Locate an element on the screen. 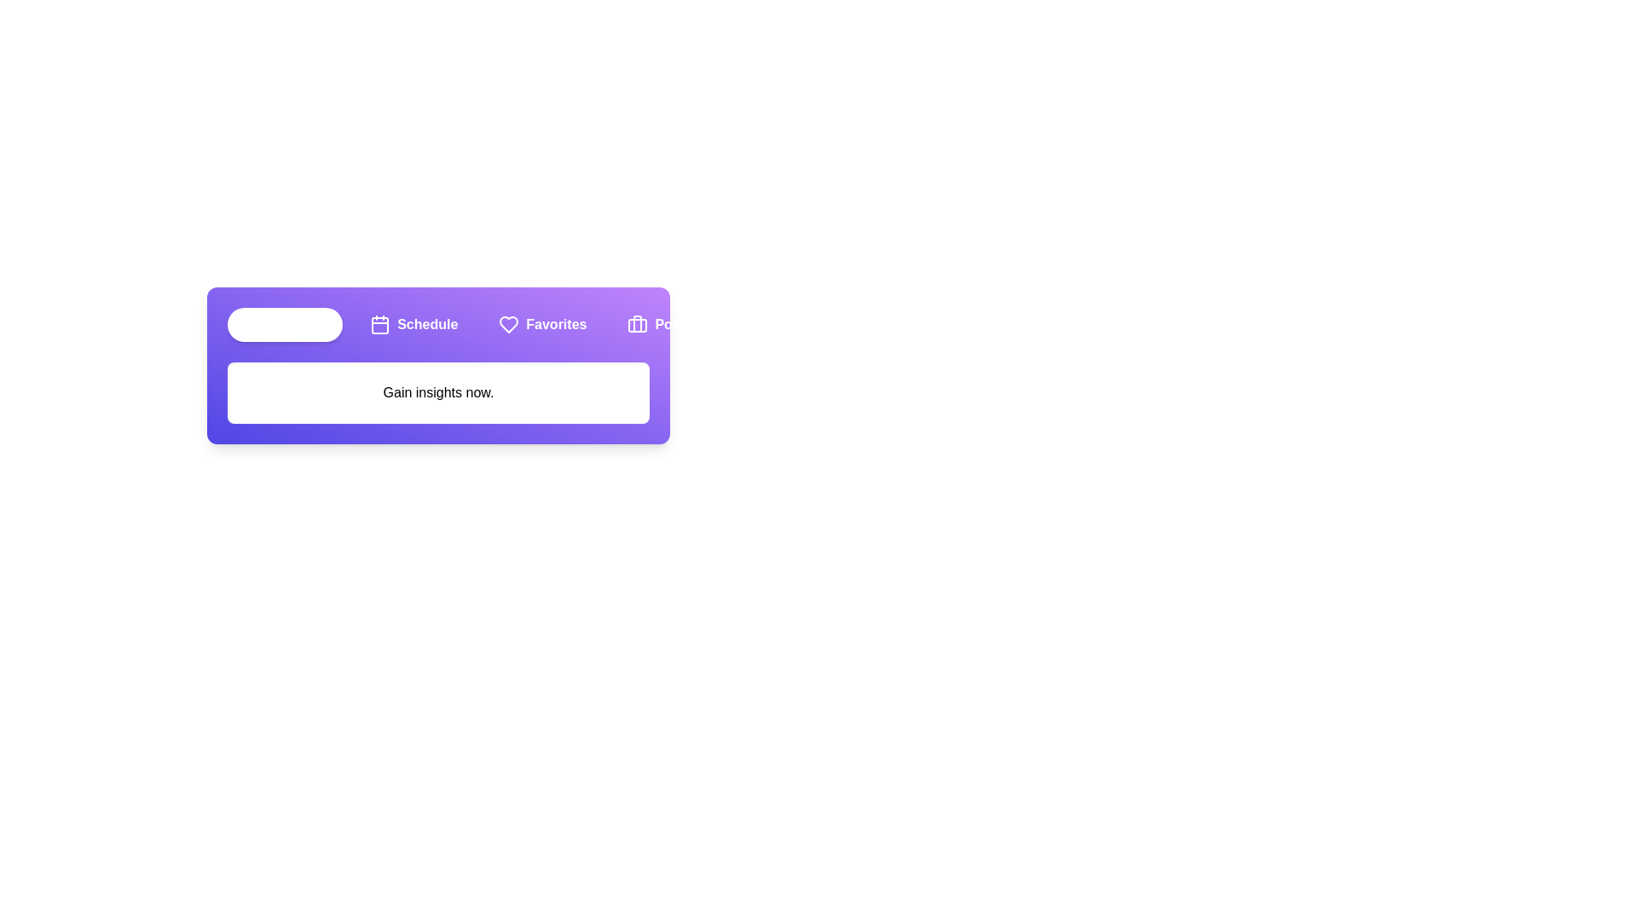 This screenshot has height=921, width=1637. the tab labeled Schedule to view its content is located at coordinates (413, 325).